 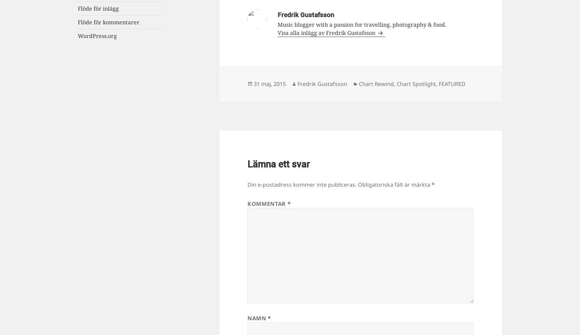 What do you see at coordinates (357, 184) in the screenshot?
I see `'Obligatoriska fält är märkta'` at bounding box center [357, 184].